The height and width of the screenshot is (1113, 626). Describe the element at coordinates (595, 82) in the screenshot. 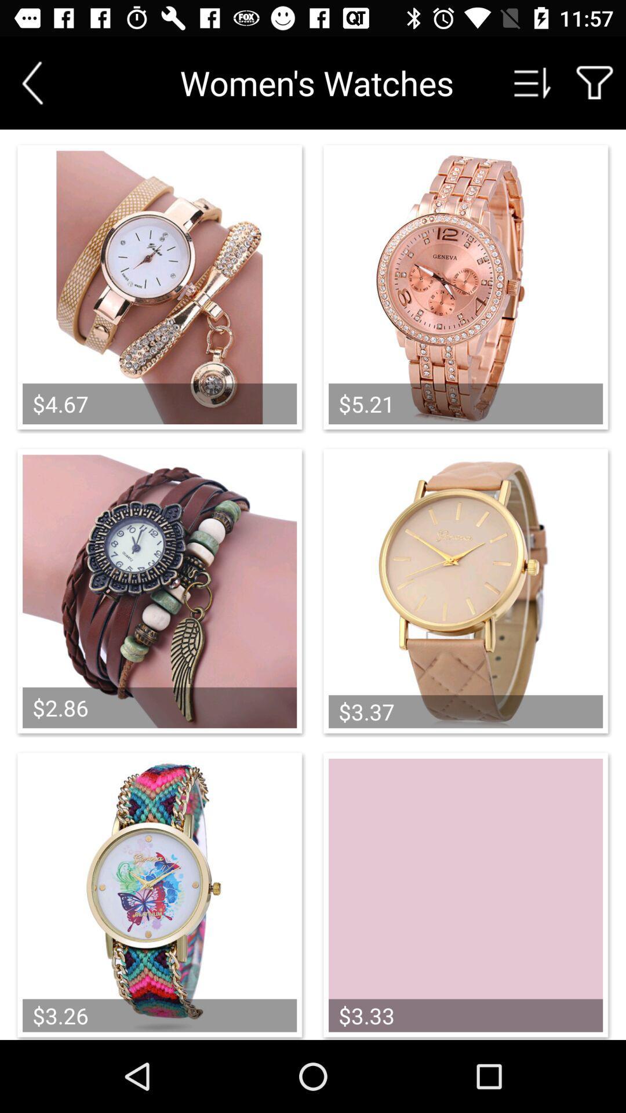

I see `filter menu` at that location.